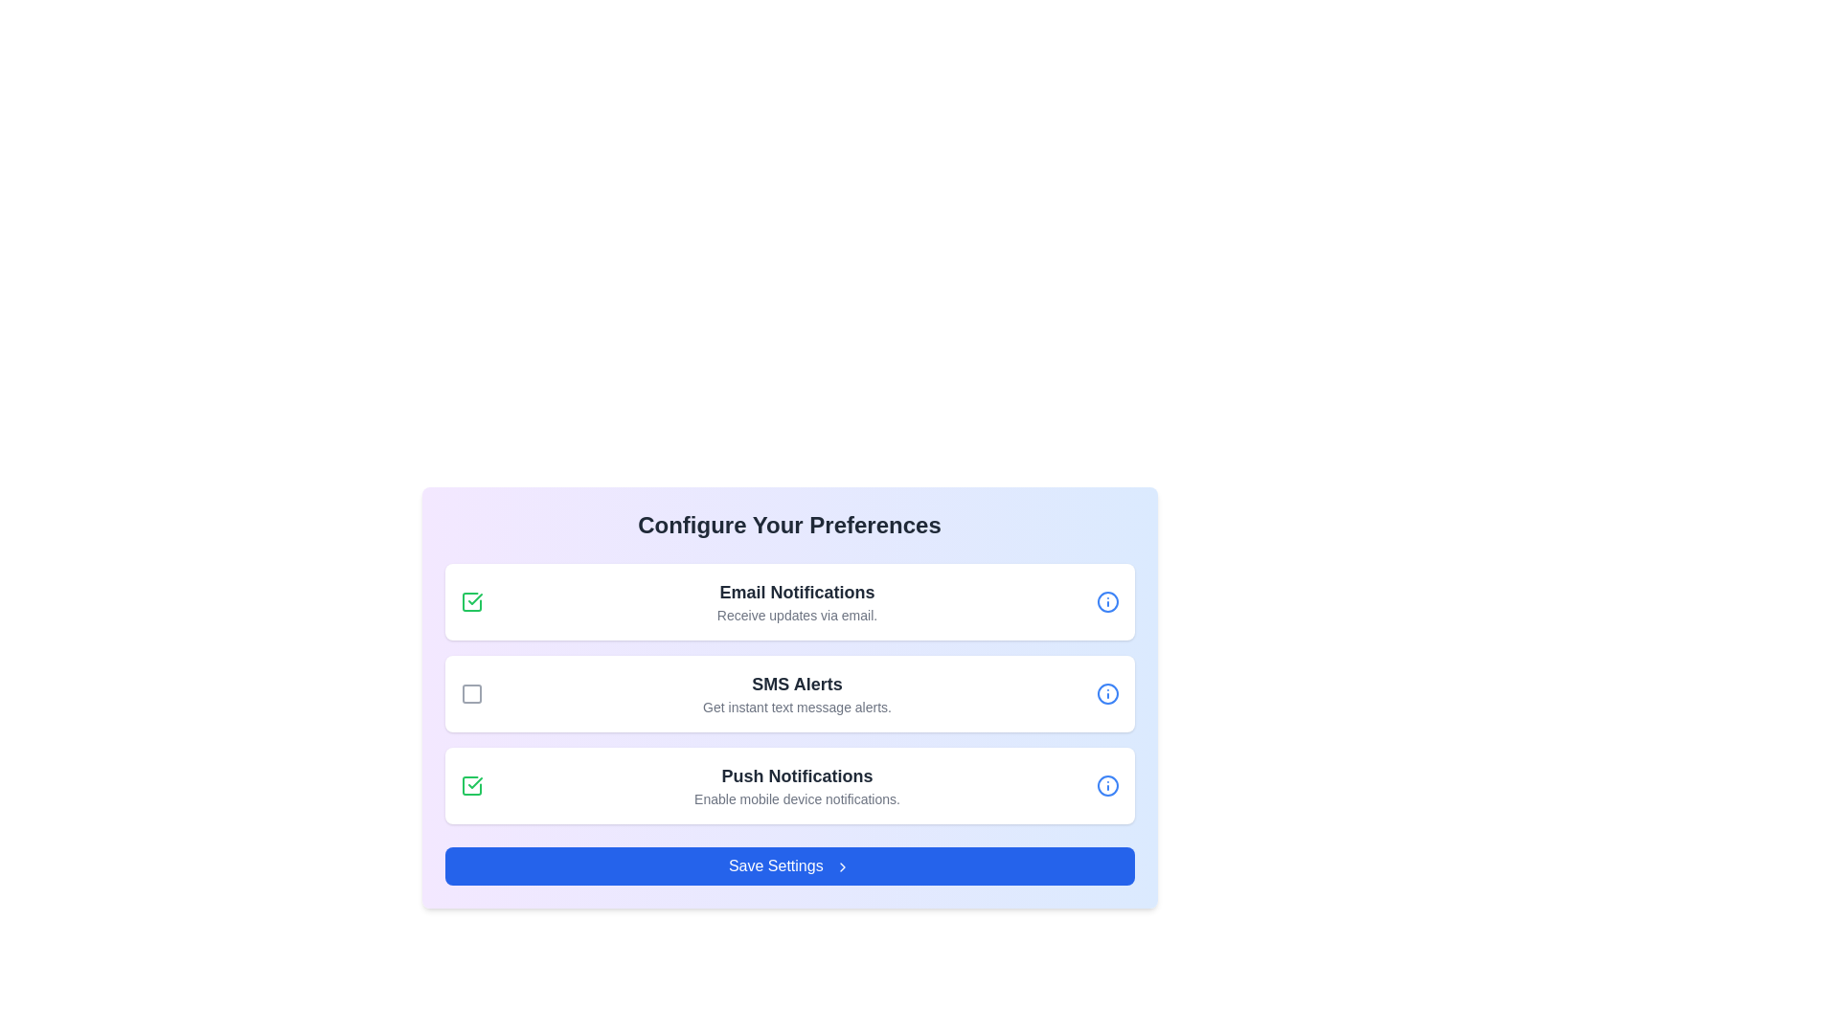  What do you see at coordinates (789, 600) in the screenshot?
I see `the checkbox in the 'Email Notifications' list item` at bounding box center [789, 600].